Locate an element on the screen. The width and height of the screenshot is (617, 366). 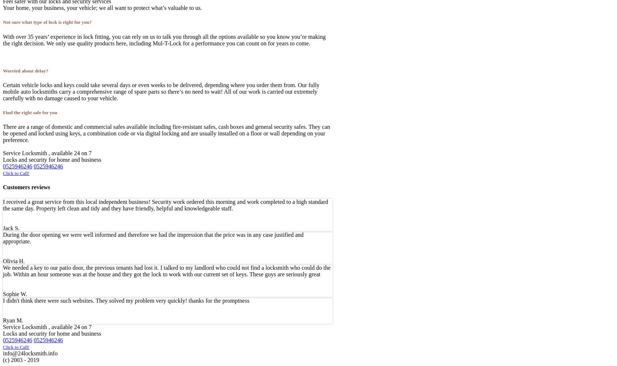
'info@24locksmith.info' is located at coordinates (30, 352).